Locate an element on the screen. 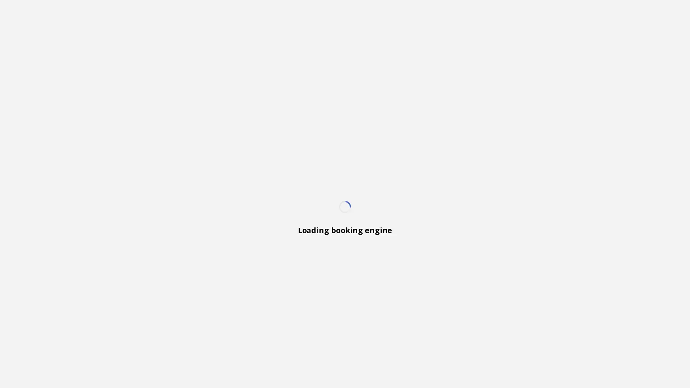 This screenshot has width=690, height=388. No, adjust is located at coordinates (648, 365).